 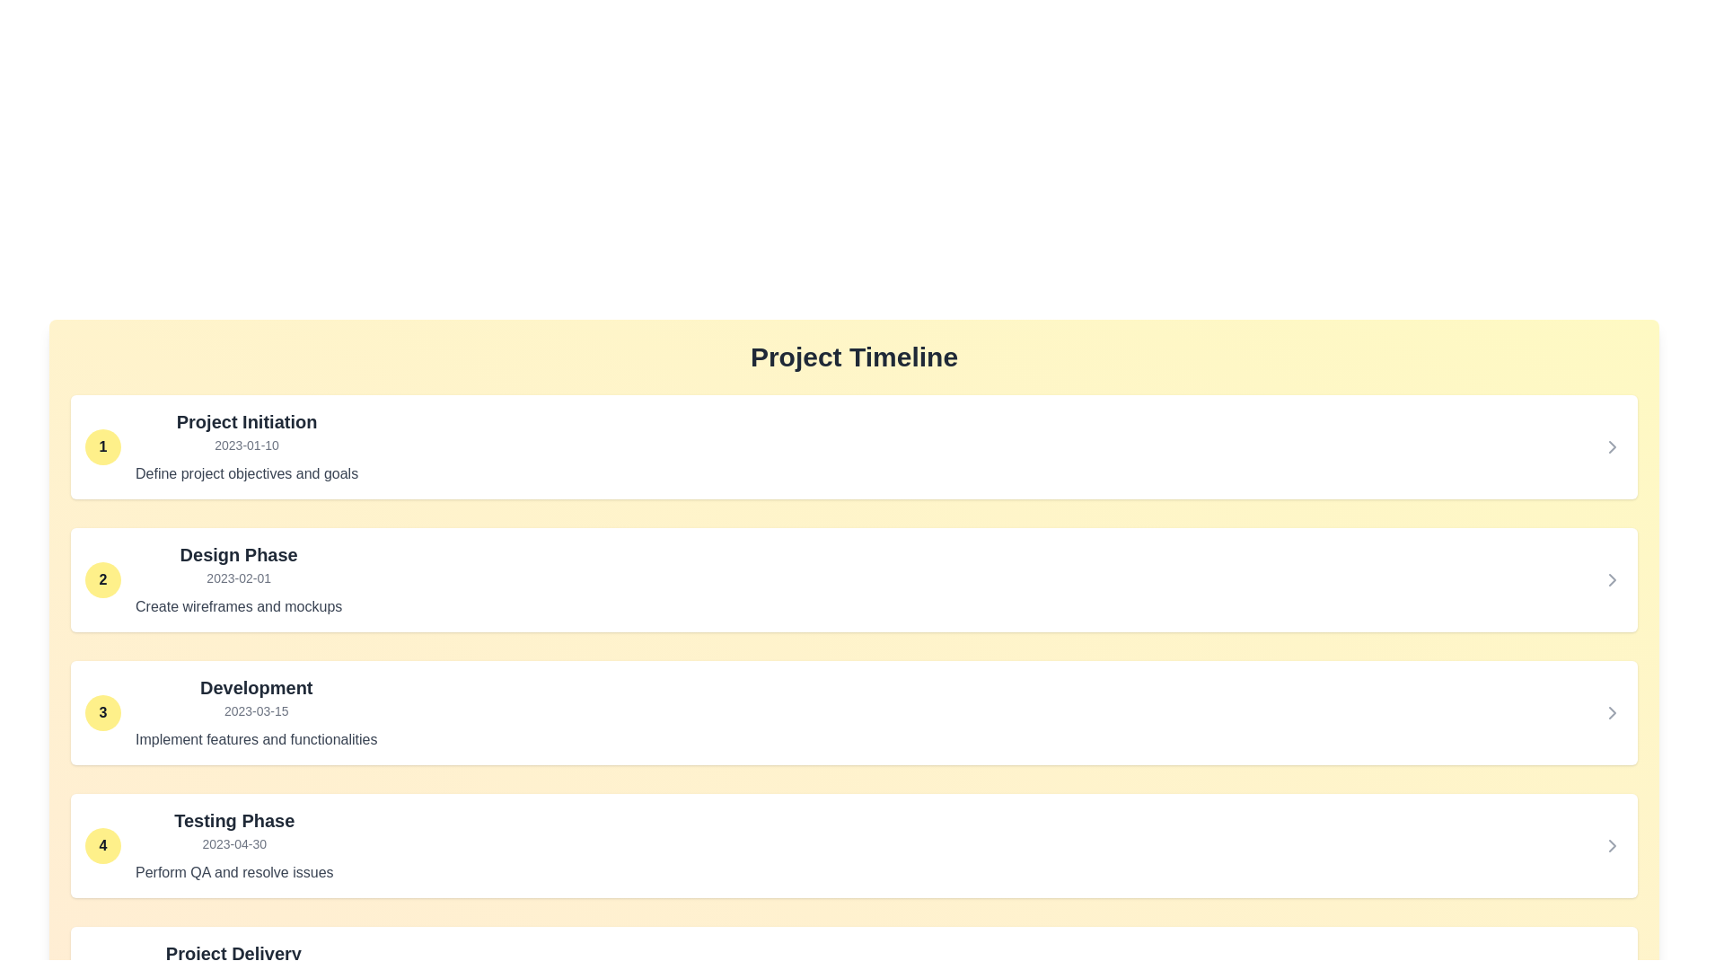 What do you see at coordinates (246, 422) in the screenshot?
I see `title 'Project Initiation' from the text label that serves as the header for the first phase of the 'Project Timeline'` at bounding box center [246, 422].